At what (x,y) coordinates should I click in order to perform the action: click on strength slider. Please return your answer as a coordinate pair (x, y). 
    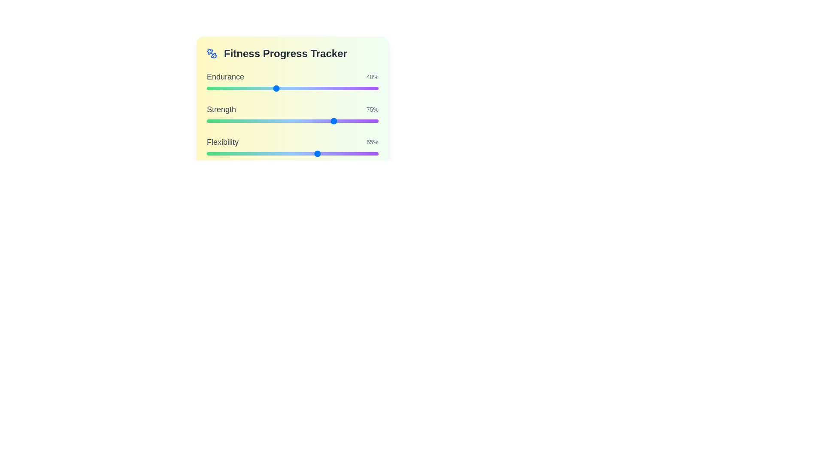
    Looking at the image, I should click on (273, 121).